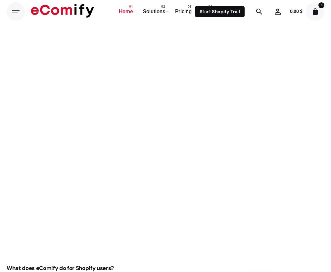 Image resolution: width=331 pixels, height=272 pixels. What do you see at coordinates (118, 11) in the screenshot?
I see `'Home'` at bounding box center [118, 11].